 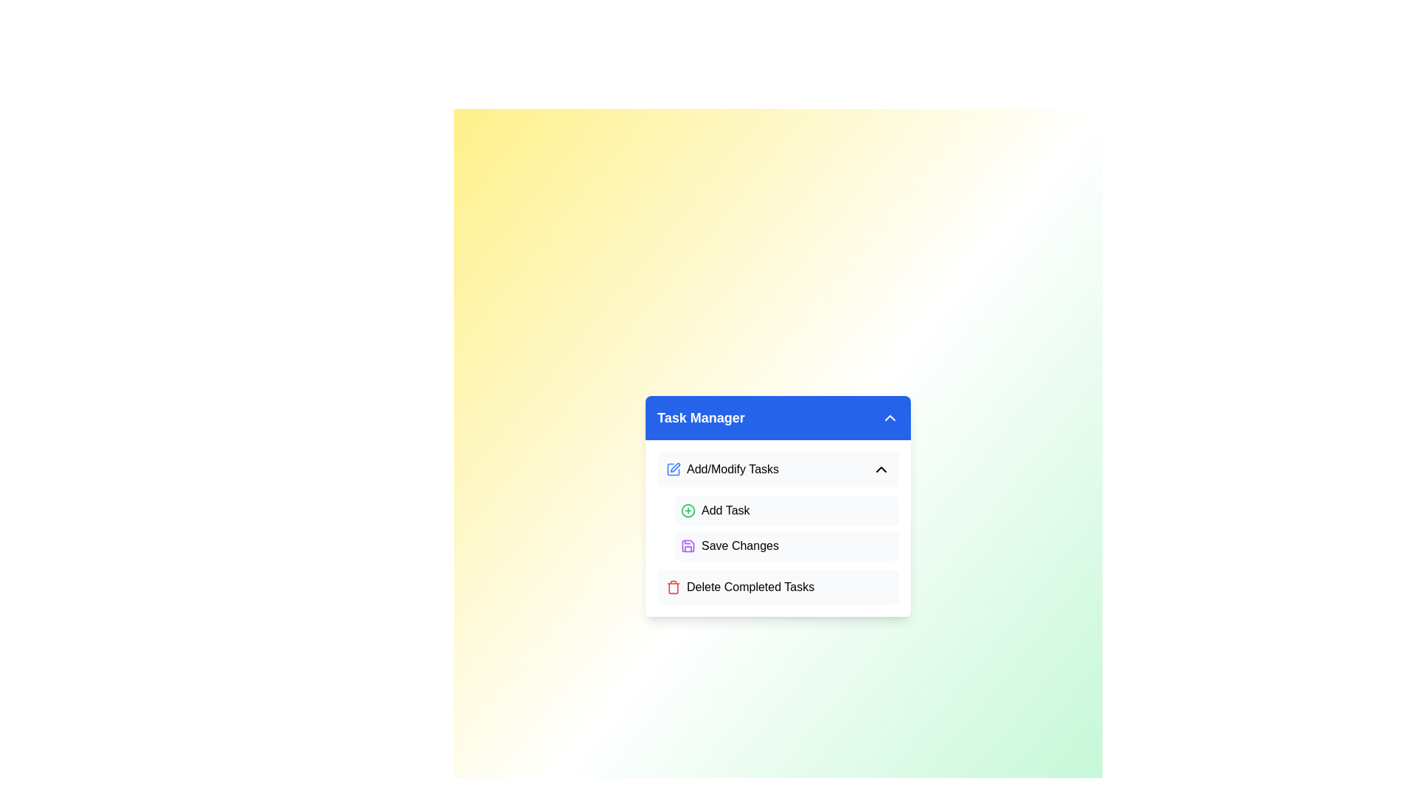 What do you see at coordinates (733, 469) in the screenshot?
I see `the text label indicating the section for adding or modifying tasks` at bounding box center [733, 469].